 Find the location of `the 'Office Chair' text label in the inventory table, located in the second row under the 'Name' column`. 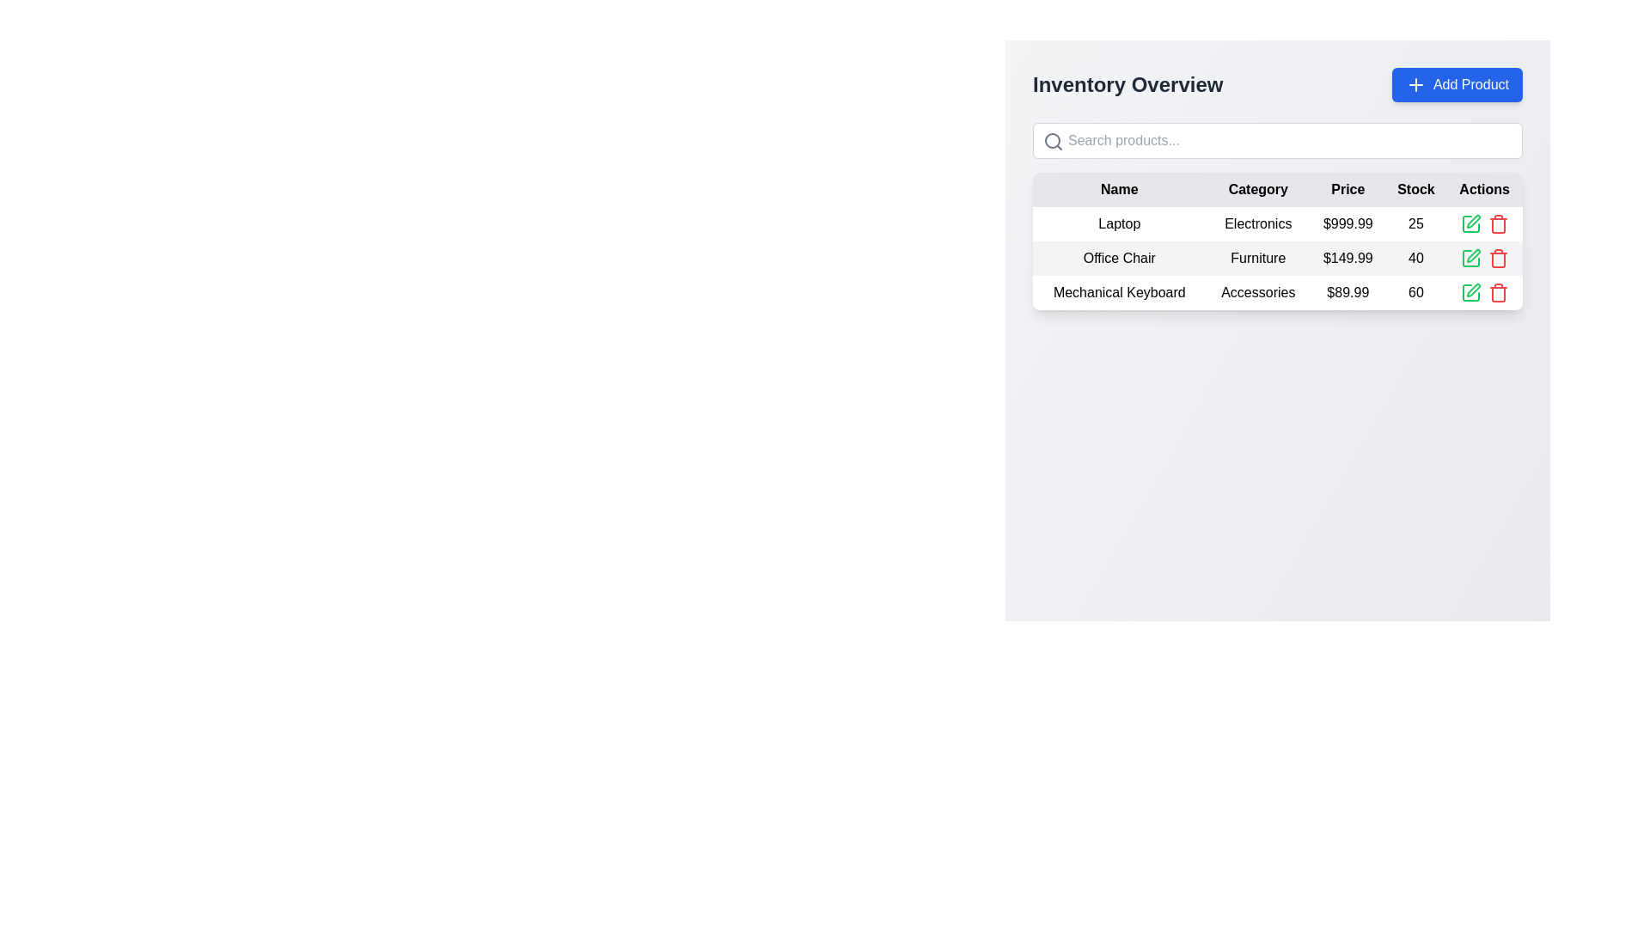

the 'Office Chair' text label in the inventory table, located in the second row under the 'Name' column is located at coordinates (1119, 258).